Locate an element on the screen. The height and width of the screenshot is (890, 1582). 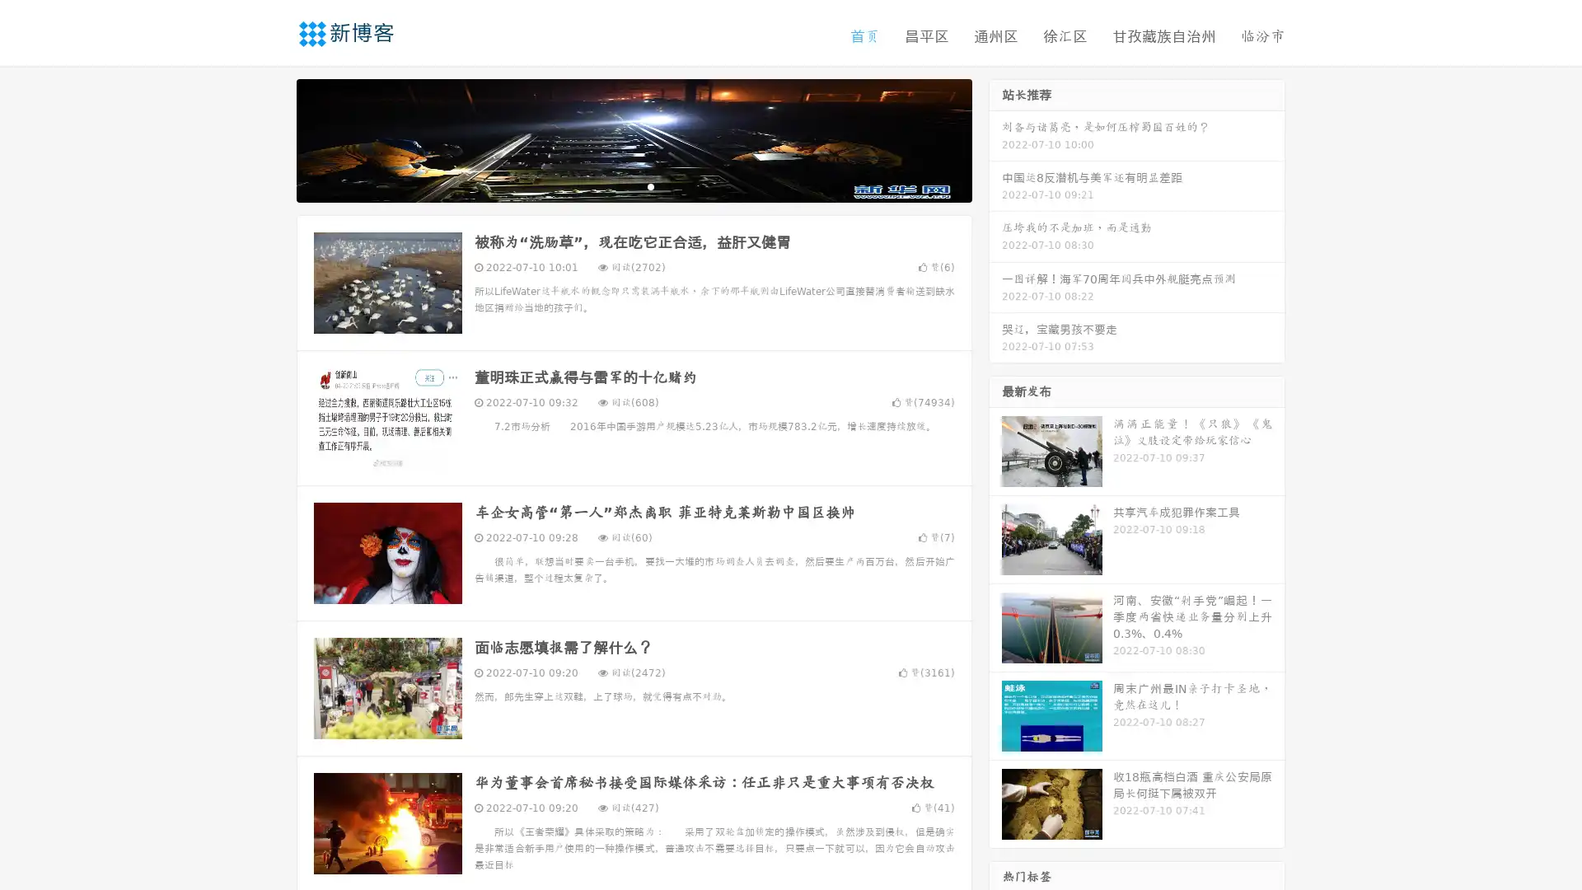
Go to slide 2 is located at coordinates (633, 185).